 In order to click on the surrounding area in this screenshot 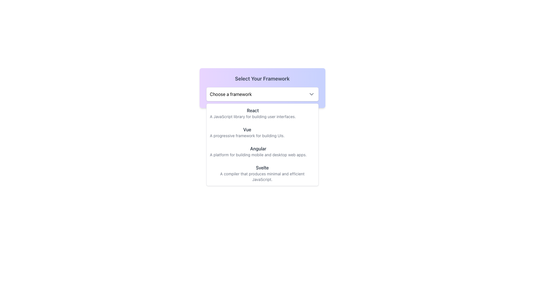, I will do `click(252, 110)`.